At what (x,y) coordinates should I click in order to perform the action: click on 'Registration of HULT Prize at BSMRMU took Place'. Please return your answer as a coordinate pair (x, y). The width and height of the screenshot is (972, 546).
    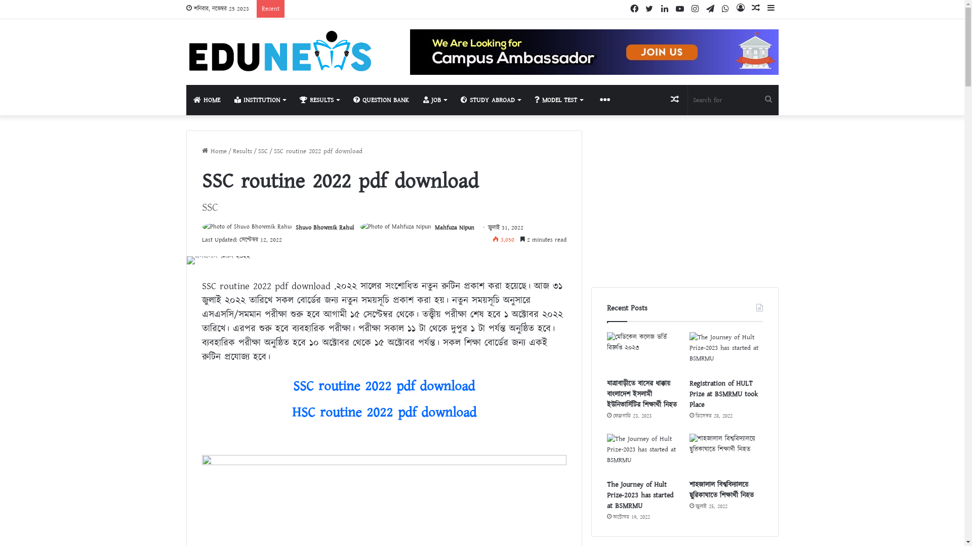
    Looking at the image, I should click on (723, 393).